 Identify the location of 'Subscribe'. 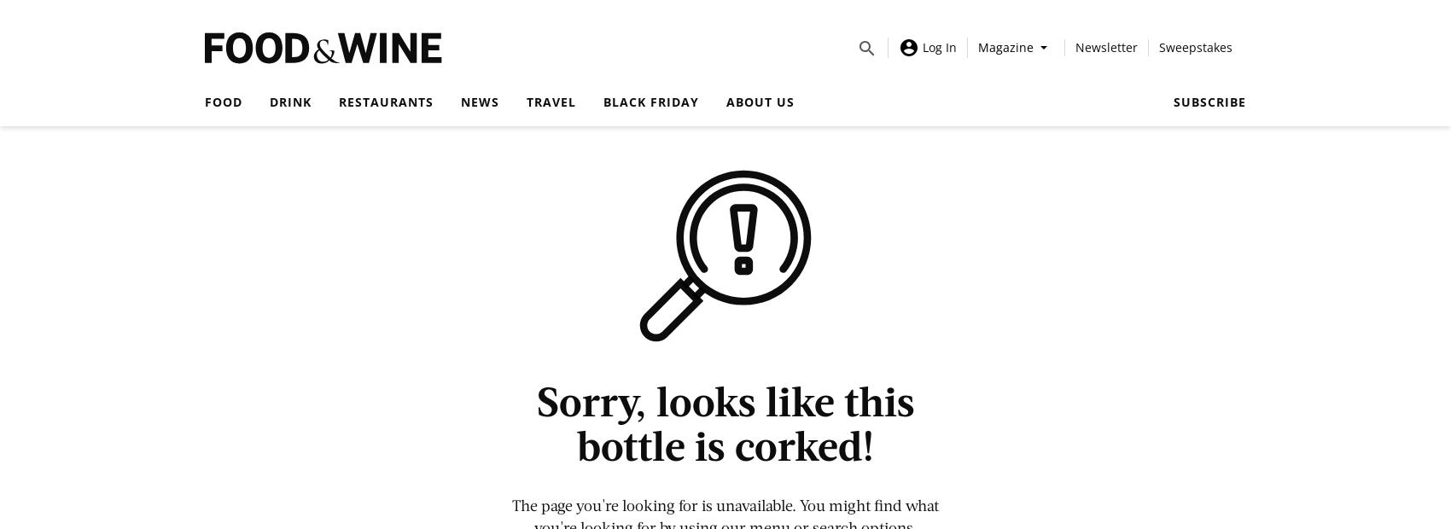
(1209, 102).